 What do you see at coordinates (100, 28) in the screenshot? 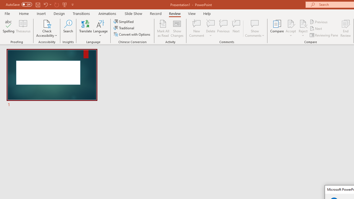
I see `'Language'` at bounding box center [100, 28].